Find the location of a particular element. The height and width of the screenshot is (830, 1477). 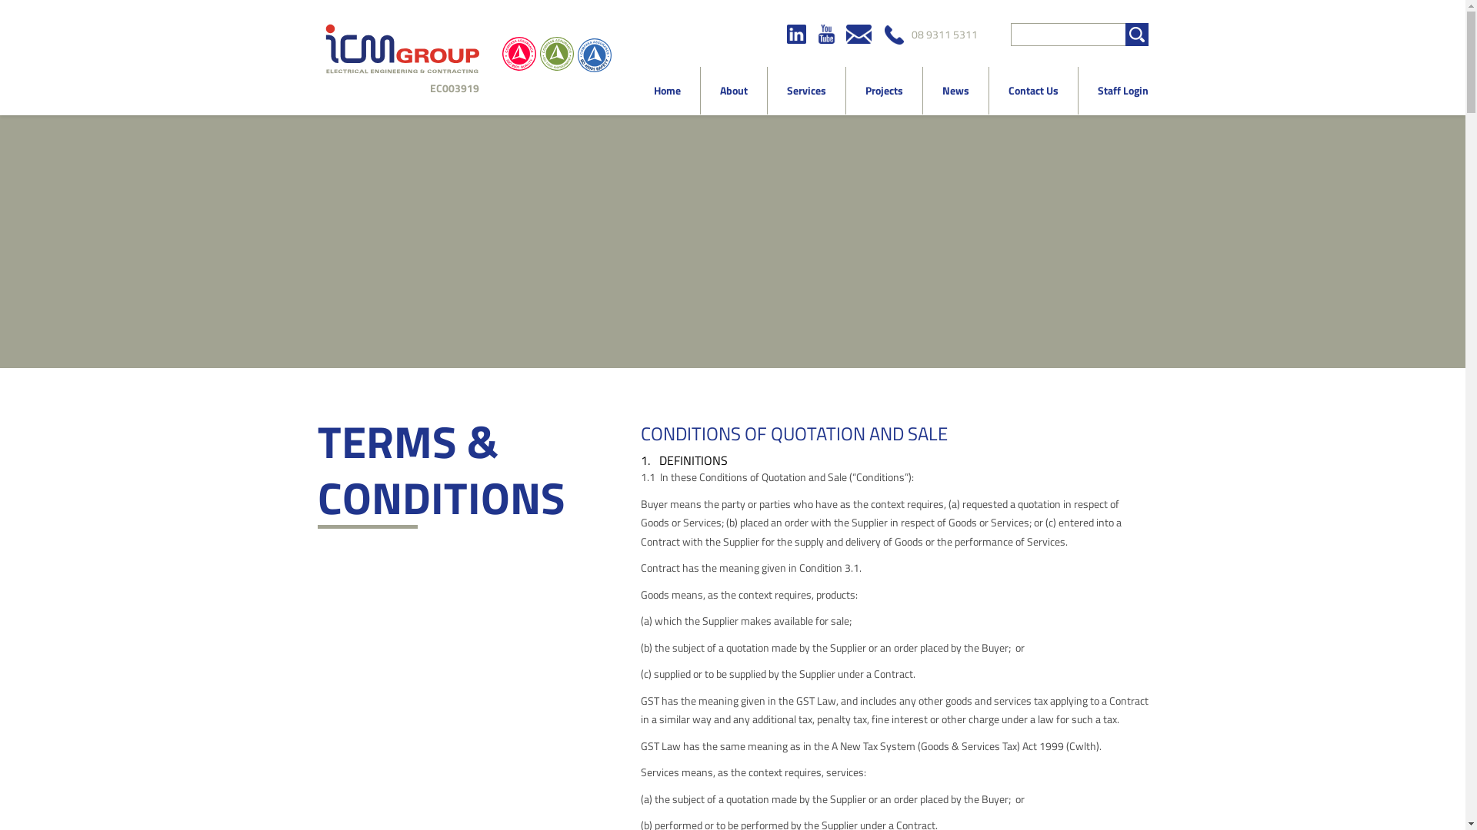

'Staff Login' is located at coordinates (1113, 91).